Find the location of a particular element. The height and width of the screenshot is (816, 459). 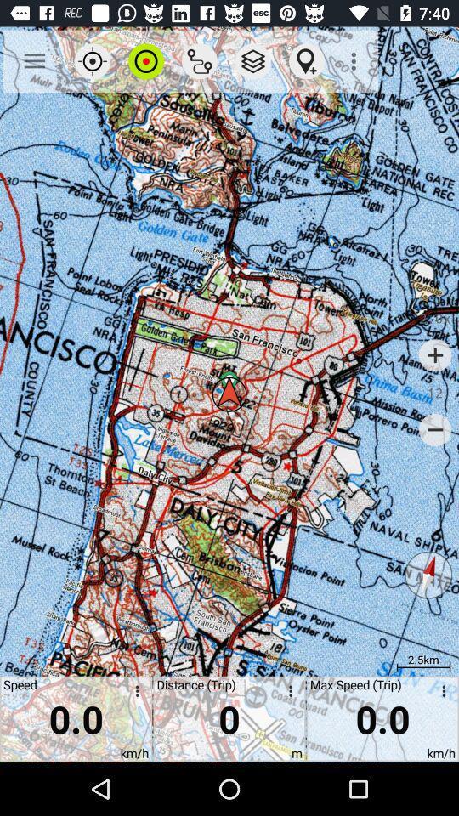

the item above max speed (trip) item is located at coordinates (428, 575).